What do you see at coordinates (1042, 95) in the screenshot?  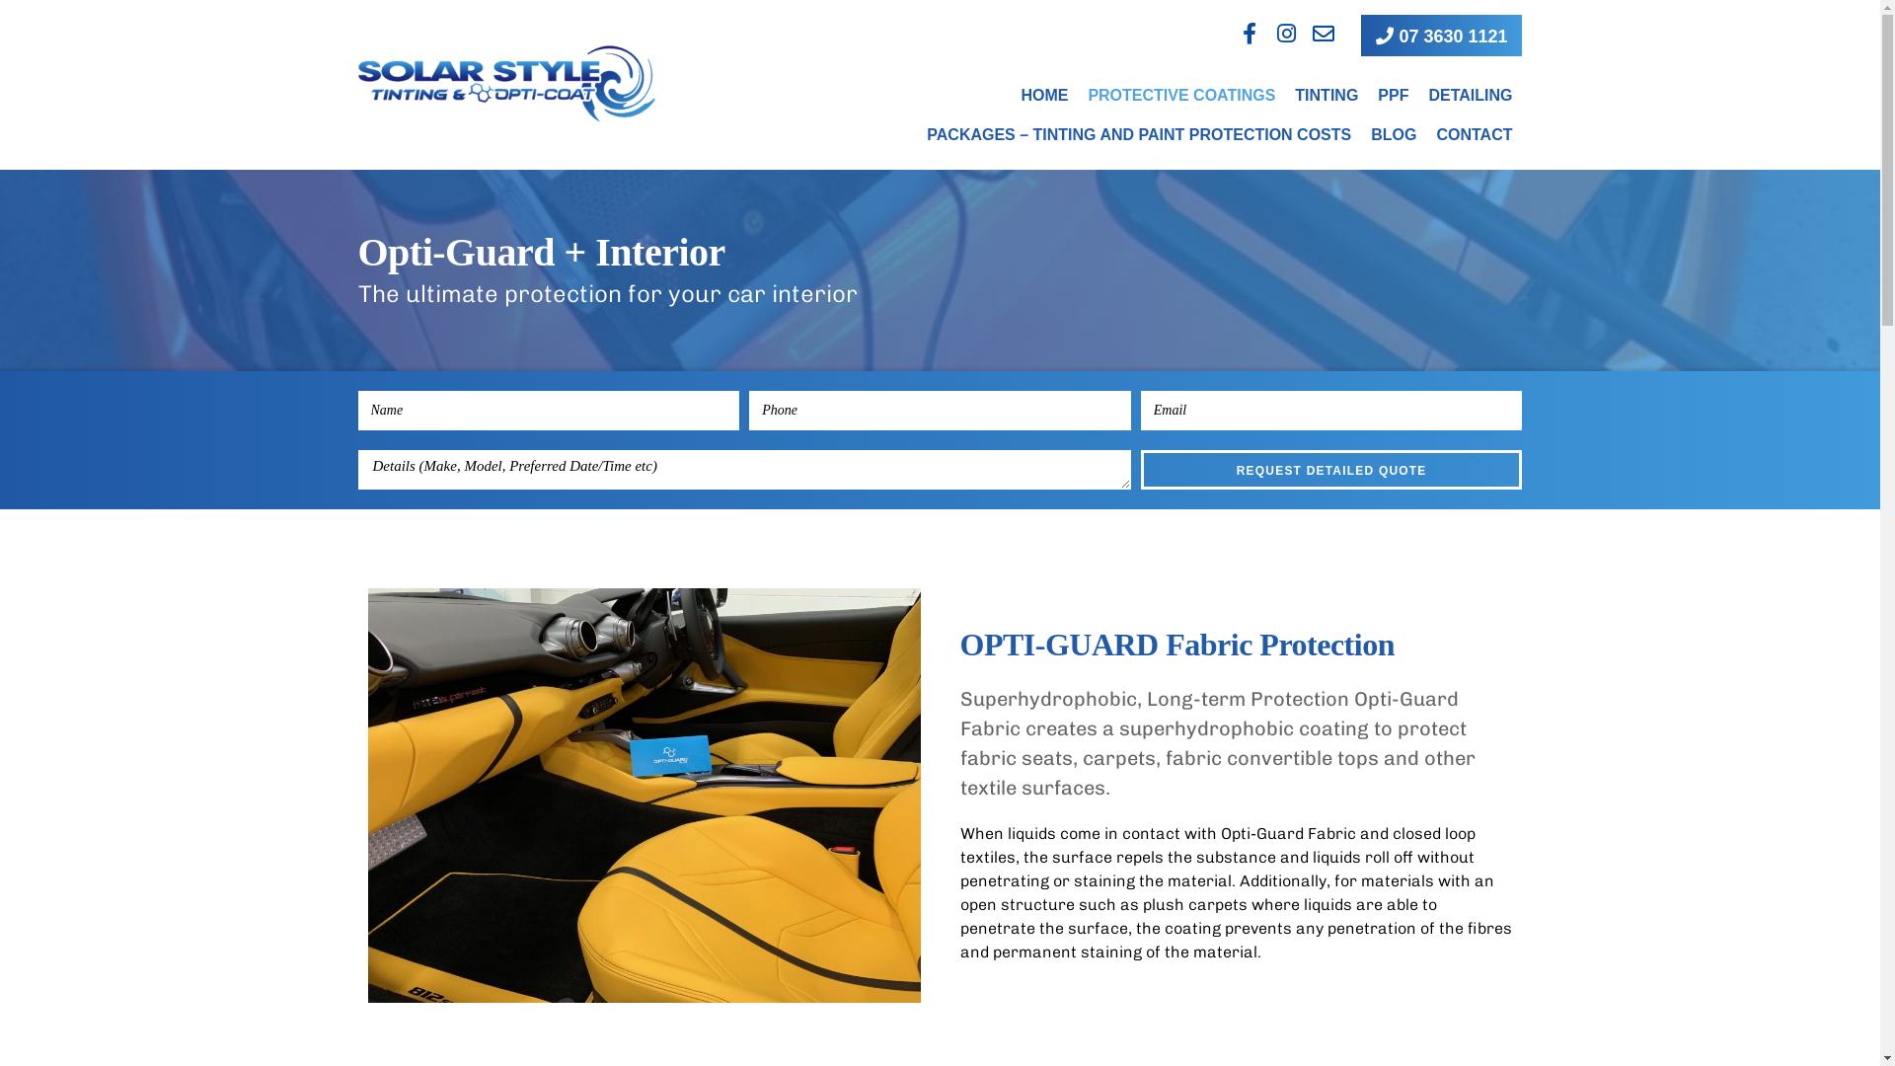 I see `'HOME'` at bounding box center [1042, 95].